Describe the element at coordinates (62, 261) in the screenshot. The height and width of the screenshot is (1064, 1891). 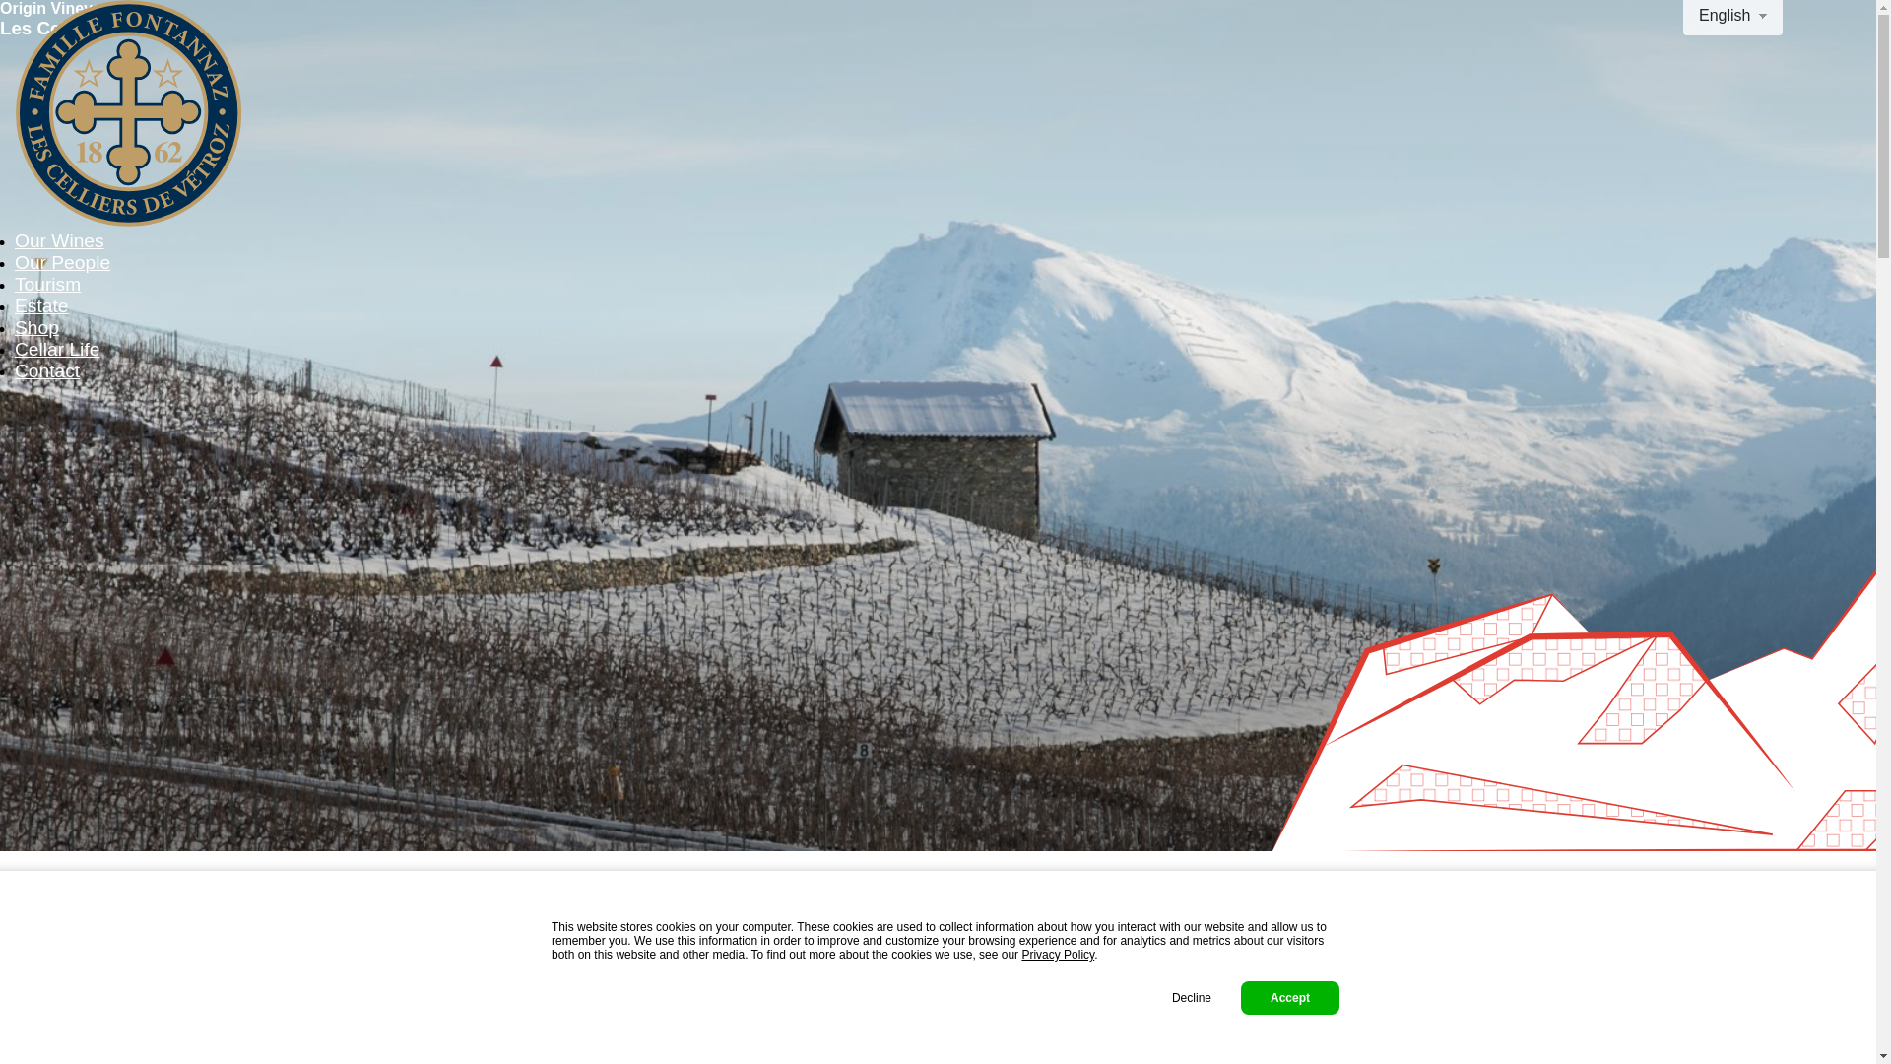
I see `'Our People'` at that location.